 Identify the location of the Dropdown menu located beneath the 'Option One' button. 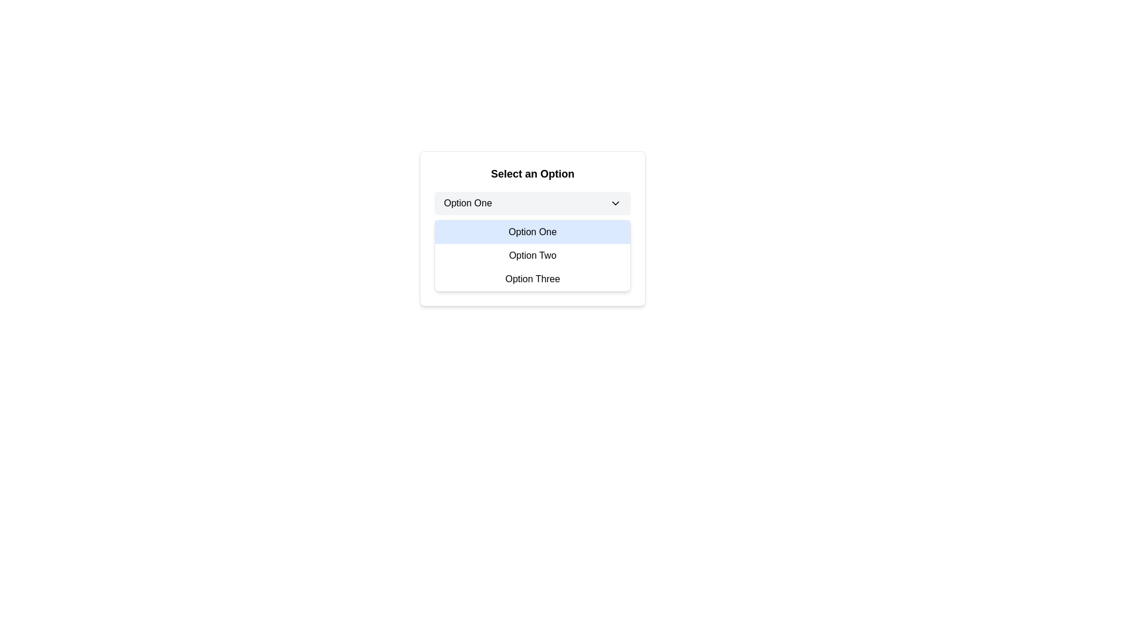
(532, 255).